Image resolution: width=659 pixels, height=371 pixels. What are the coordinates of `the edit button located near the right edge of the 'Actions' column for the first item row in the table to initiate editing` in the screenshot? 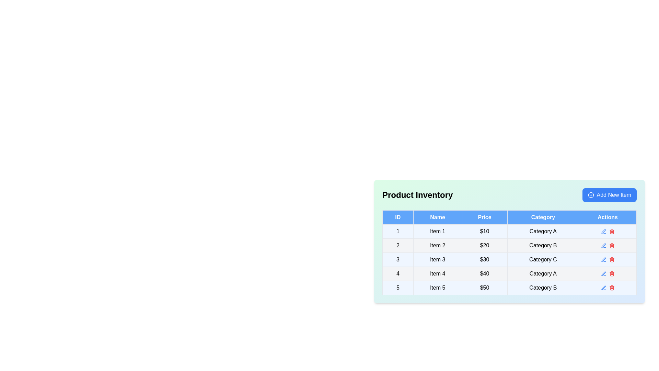 It's located at (603, 232).